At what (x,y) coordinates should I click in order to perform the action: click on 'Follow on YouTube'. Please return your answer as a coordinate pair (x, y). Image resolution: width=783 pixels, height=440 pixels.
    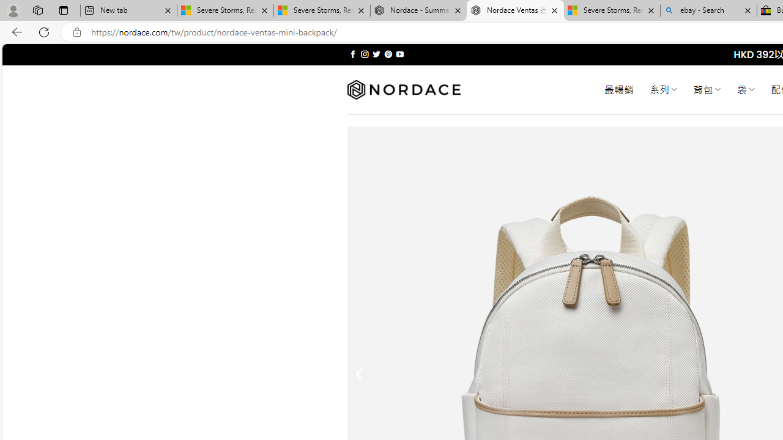
    Looking at the image, I should click on (399, 54).